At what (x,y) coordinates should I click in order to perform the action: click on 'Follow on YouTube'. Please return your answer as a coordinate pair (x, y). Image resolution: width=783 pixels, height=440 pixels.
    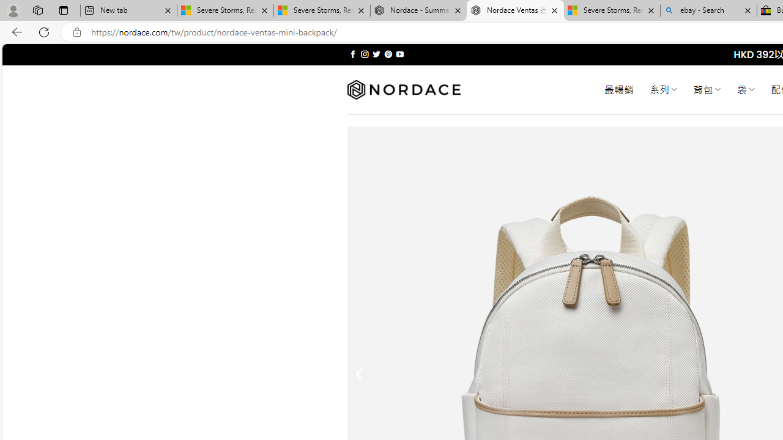
    Looking at the image, I should click on (399, 54).